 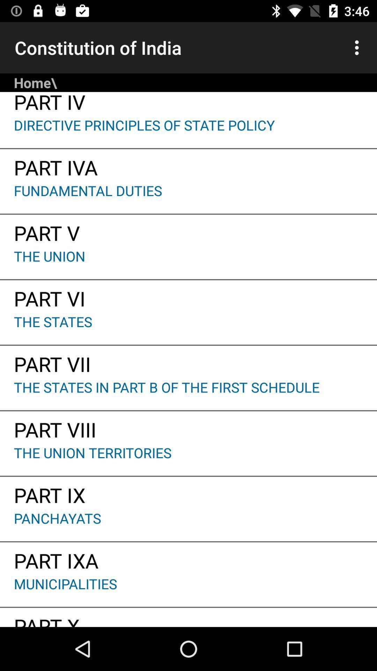 I want to click on fundamental duties, so click(x=188, y=197).